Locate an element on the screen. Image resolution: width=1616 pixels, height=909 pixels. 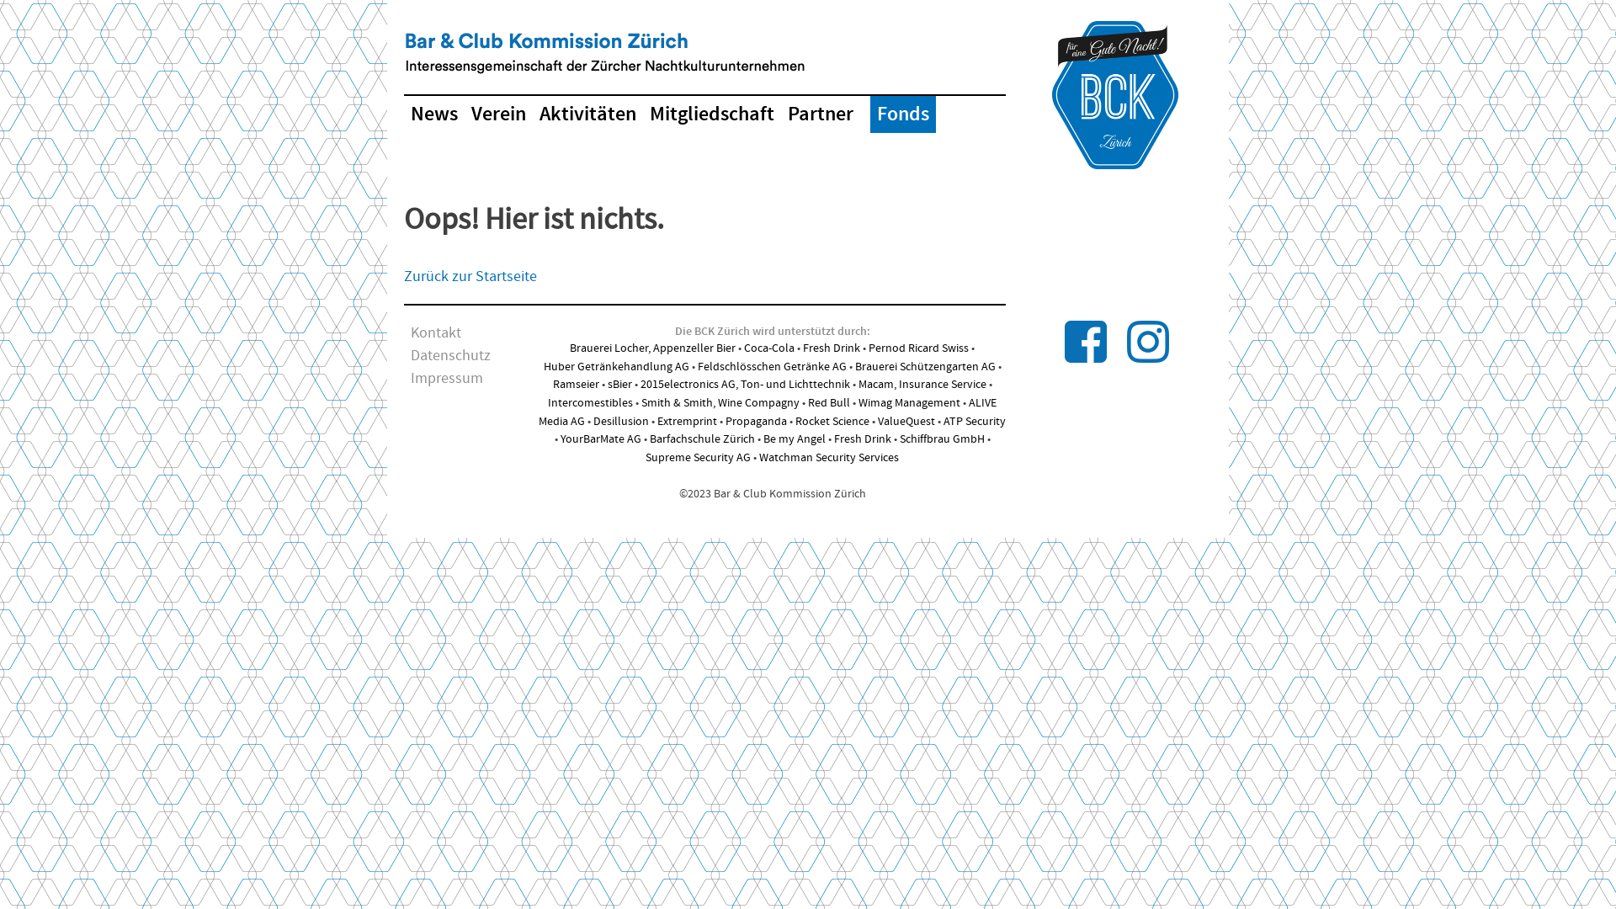
'Supreme Security AG' is located at coordinates (698, 457).